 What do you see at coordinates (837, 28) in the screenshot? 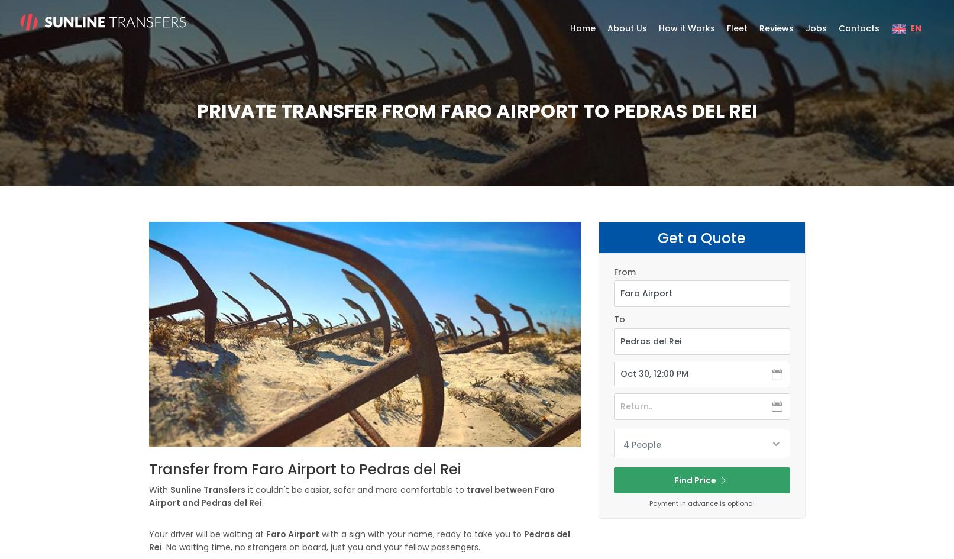
I see `'Contacts'` at bounding box center [837, 28].